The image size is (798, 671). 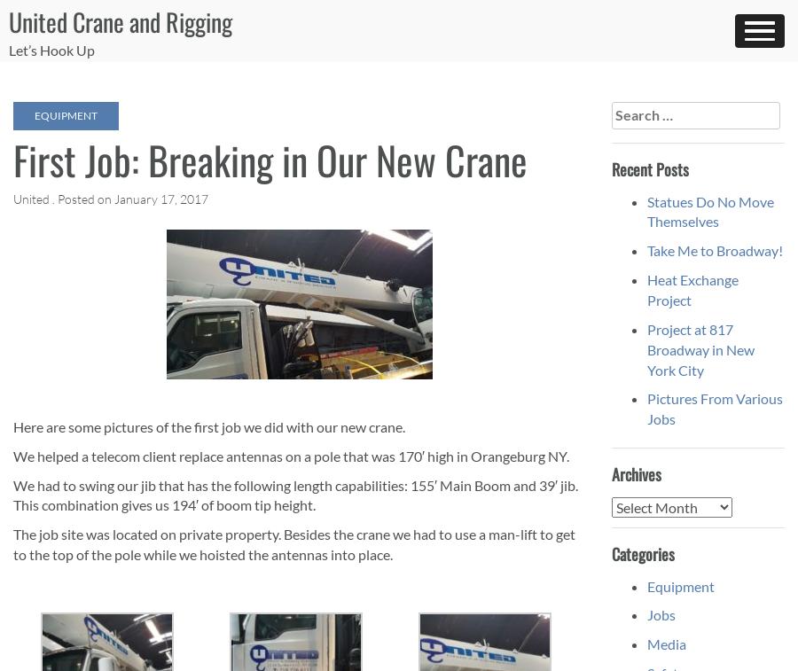 I want to click on 'We had to swing our jib that has the following length capabilities: 155′ Main Boom and 39′ jib. This combination gives us 194′ of boom tip height.', so click(x=294, y=494).